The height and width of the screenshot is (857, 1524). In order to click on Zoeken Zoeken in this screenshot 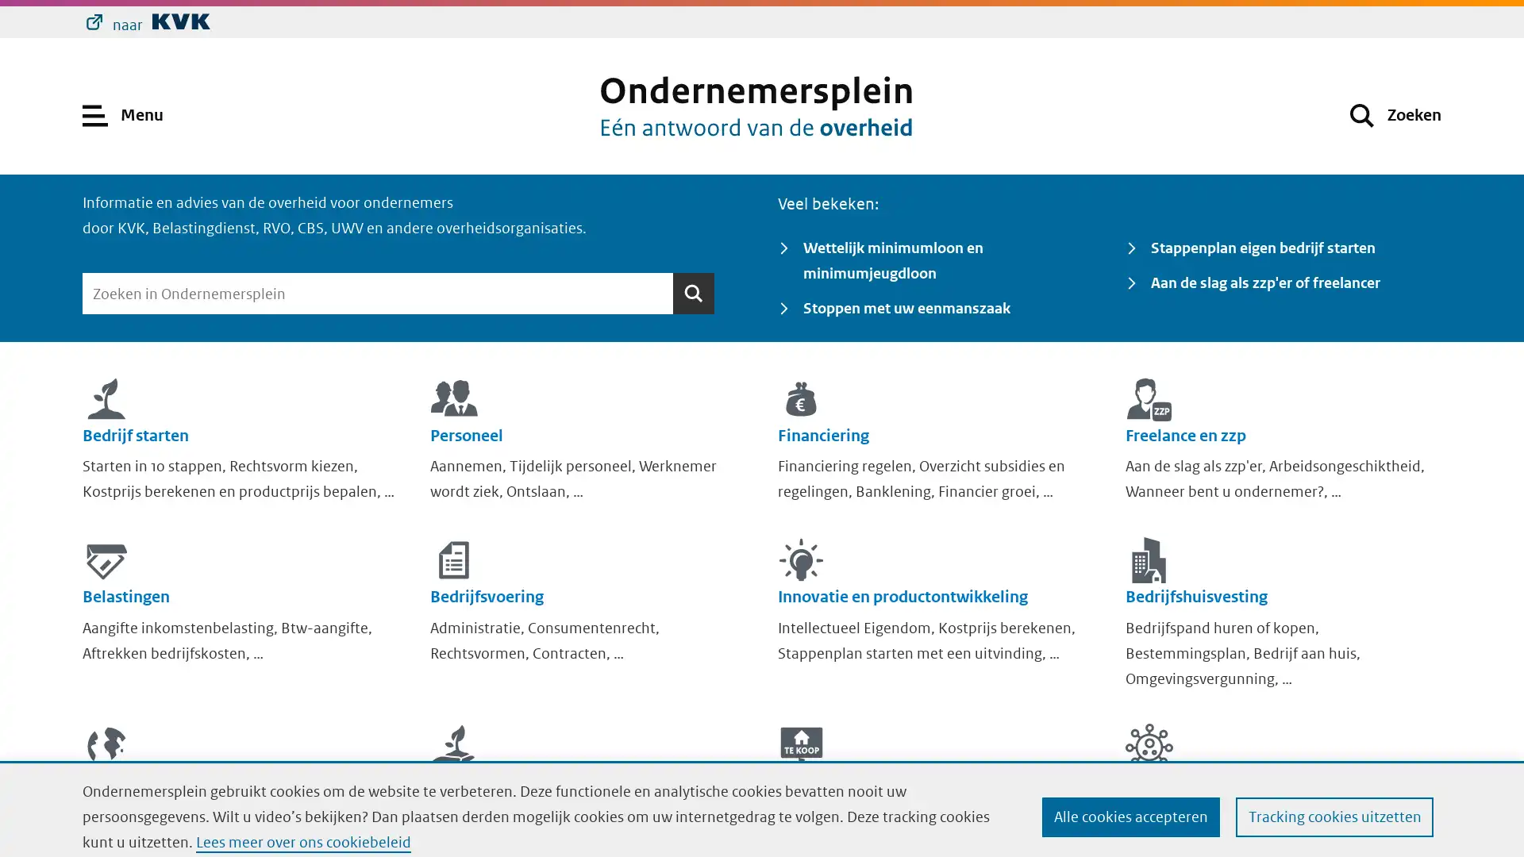, I will do `click(693, 294)`.